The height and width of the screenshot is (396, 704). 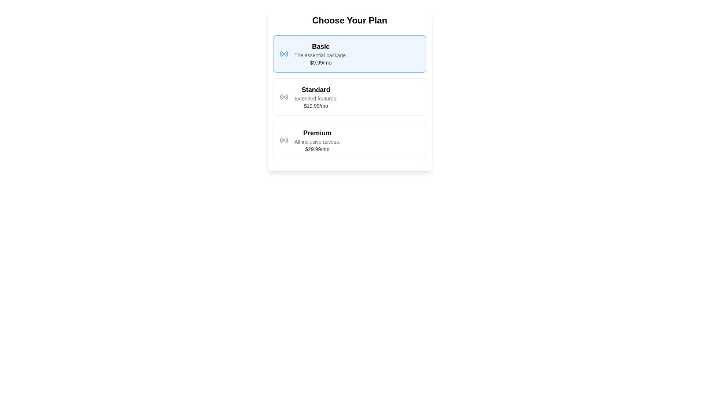 I want to click on the blue circular radio button, so click(x=283, y=53).